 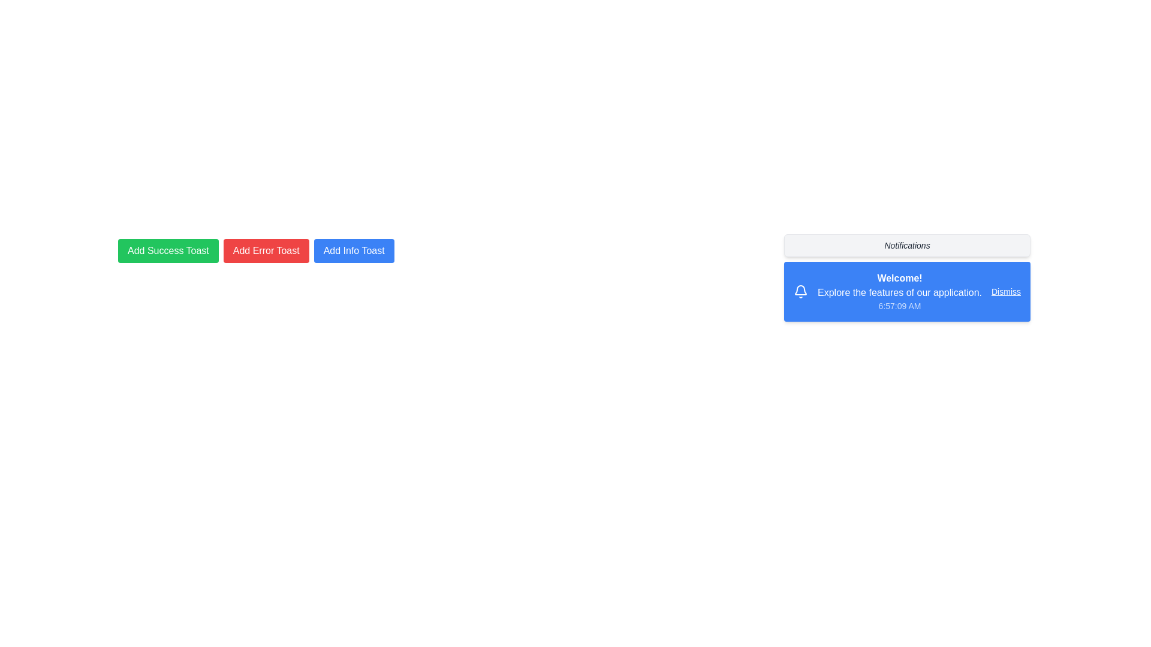 I want to click on the third button in a horizontal row of three buttons, located to the right of the 'Add Error Toast' button, so click(x=353, y=250).